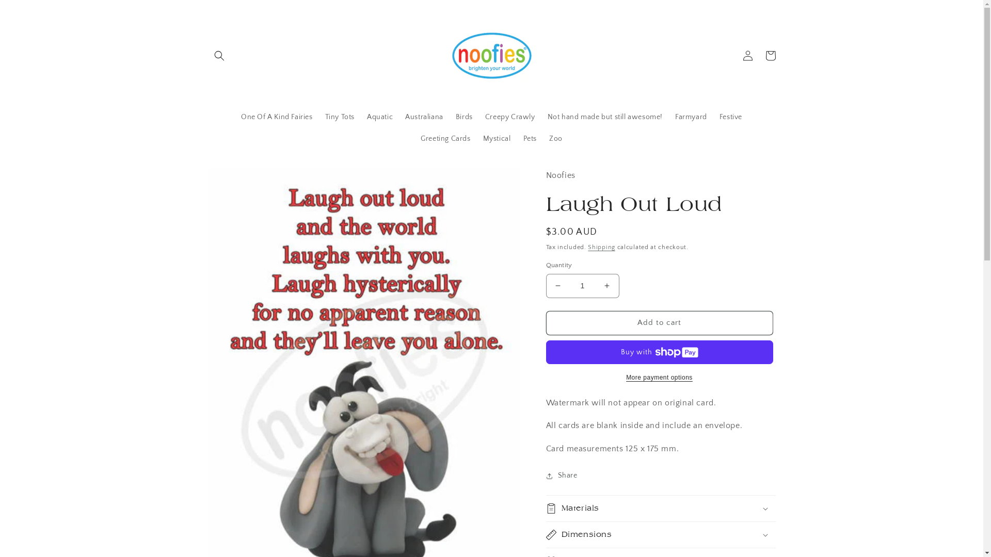 This screenshot has height=557, width=991. Describe the element at coordinates (601, 247) in the screenshot. I see `'Shipping'` at that location.